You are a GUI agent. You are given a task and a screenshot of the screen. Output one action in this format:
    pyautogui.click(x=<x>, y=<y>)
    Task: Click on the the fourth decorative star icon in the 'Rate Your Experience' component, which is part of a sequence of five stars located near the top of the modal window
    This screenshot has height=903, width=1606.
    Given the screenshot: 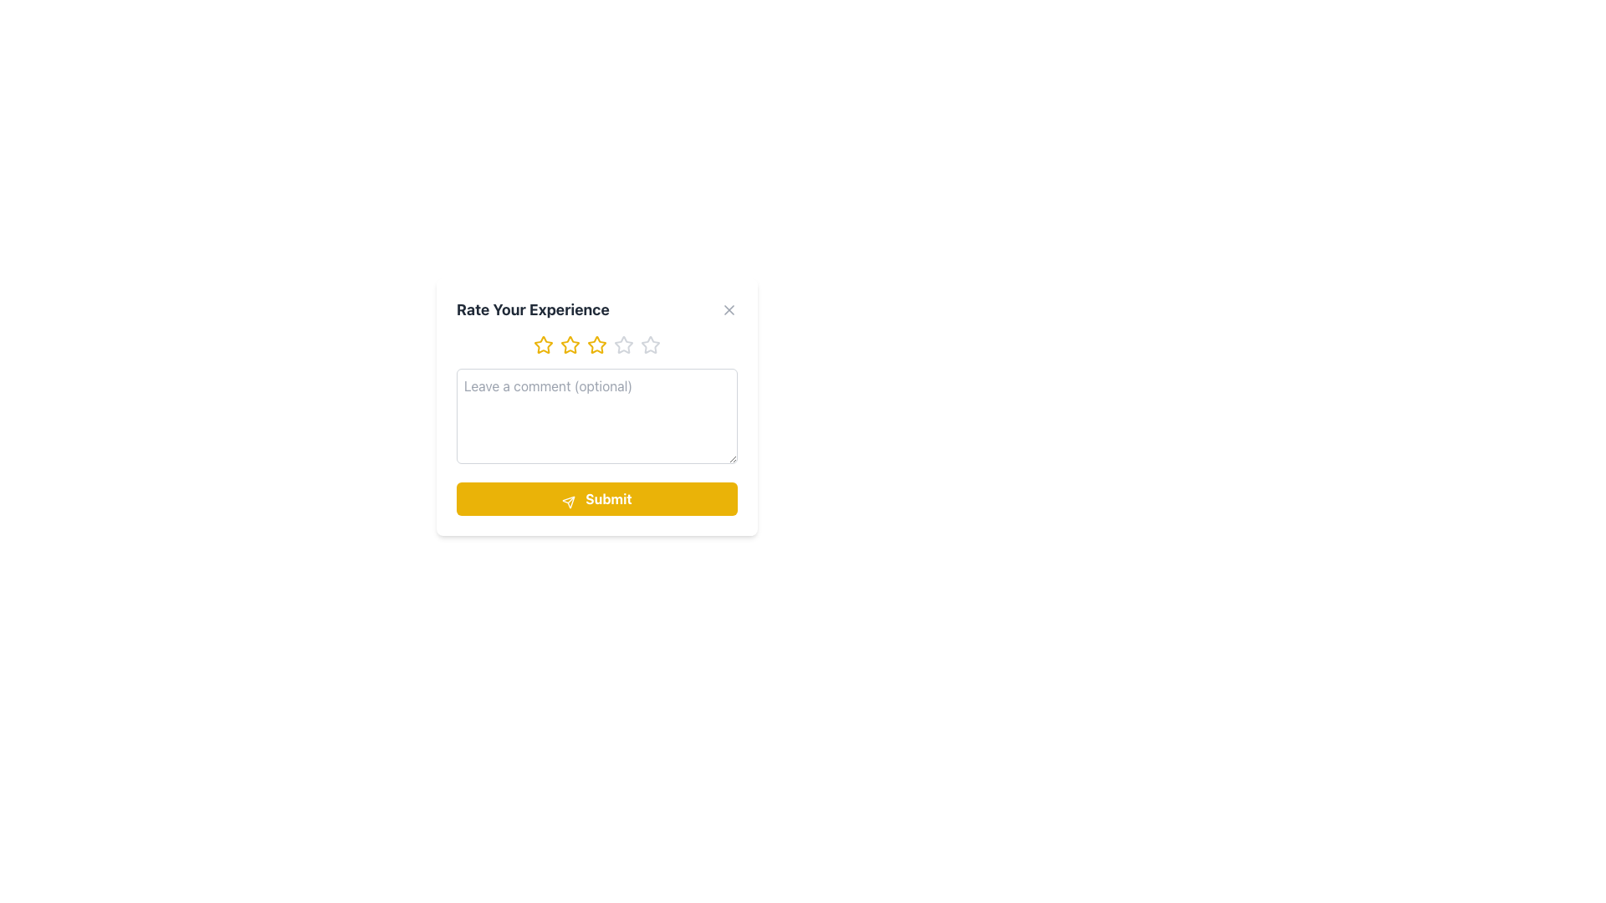 What is the action you would take?
    pyautogui.click(x=649, y=344)
    